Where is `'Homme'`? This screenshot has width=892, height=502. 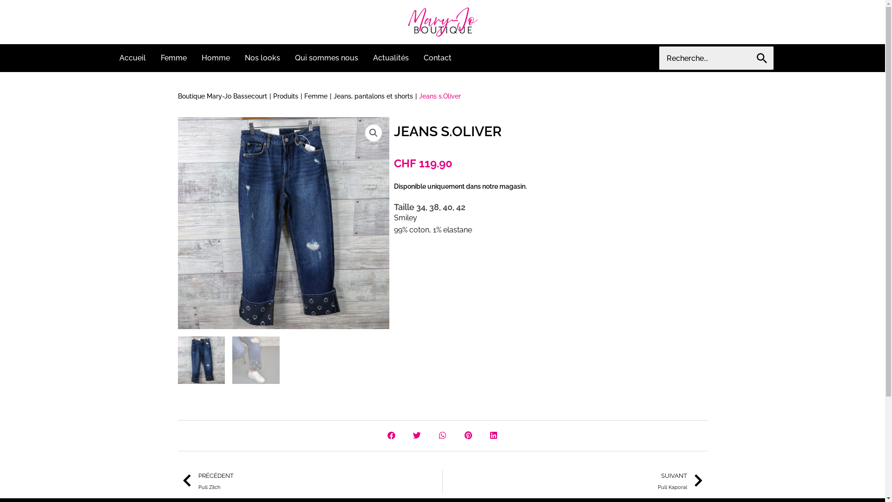 'Homme' is located at coordinates (215, 58).